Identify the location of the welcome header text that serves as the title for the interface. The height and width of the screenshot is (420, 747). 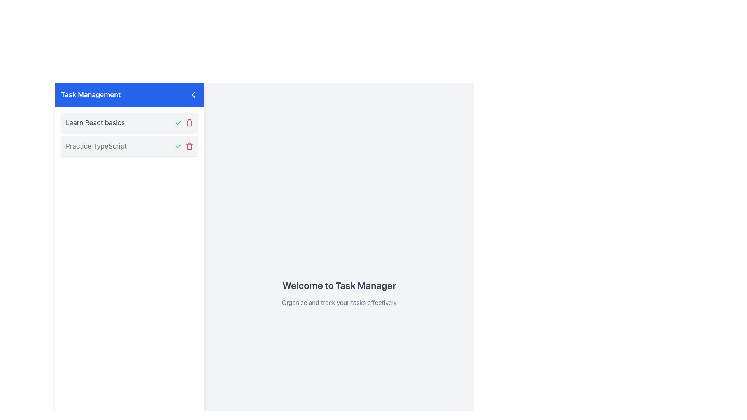
(339, 285).